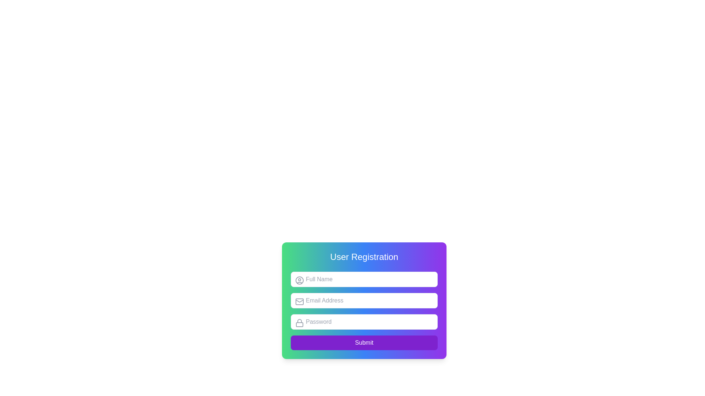 Image resolution: width=705 pixels, height=396 pixels. What do you see at coordinates (364, 342) in the screenshot?
I see `the 'Submit' button, which is a rectangular button with a purple background and white text, located at the bottom of the user registration form` at bounding box center [364, 342].